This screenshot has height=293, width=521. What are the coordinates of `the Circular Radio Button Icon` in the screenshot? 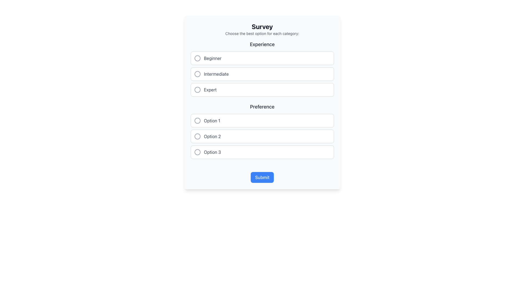 It's located at (197, 74).